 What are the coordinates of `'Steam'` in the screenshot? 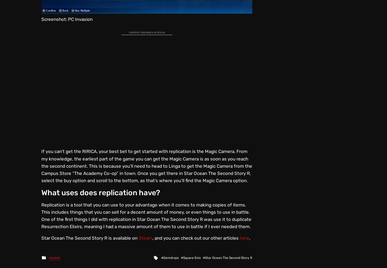 It's located at (145, 238).